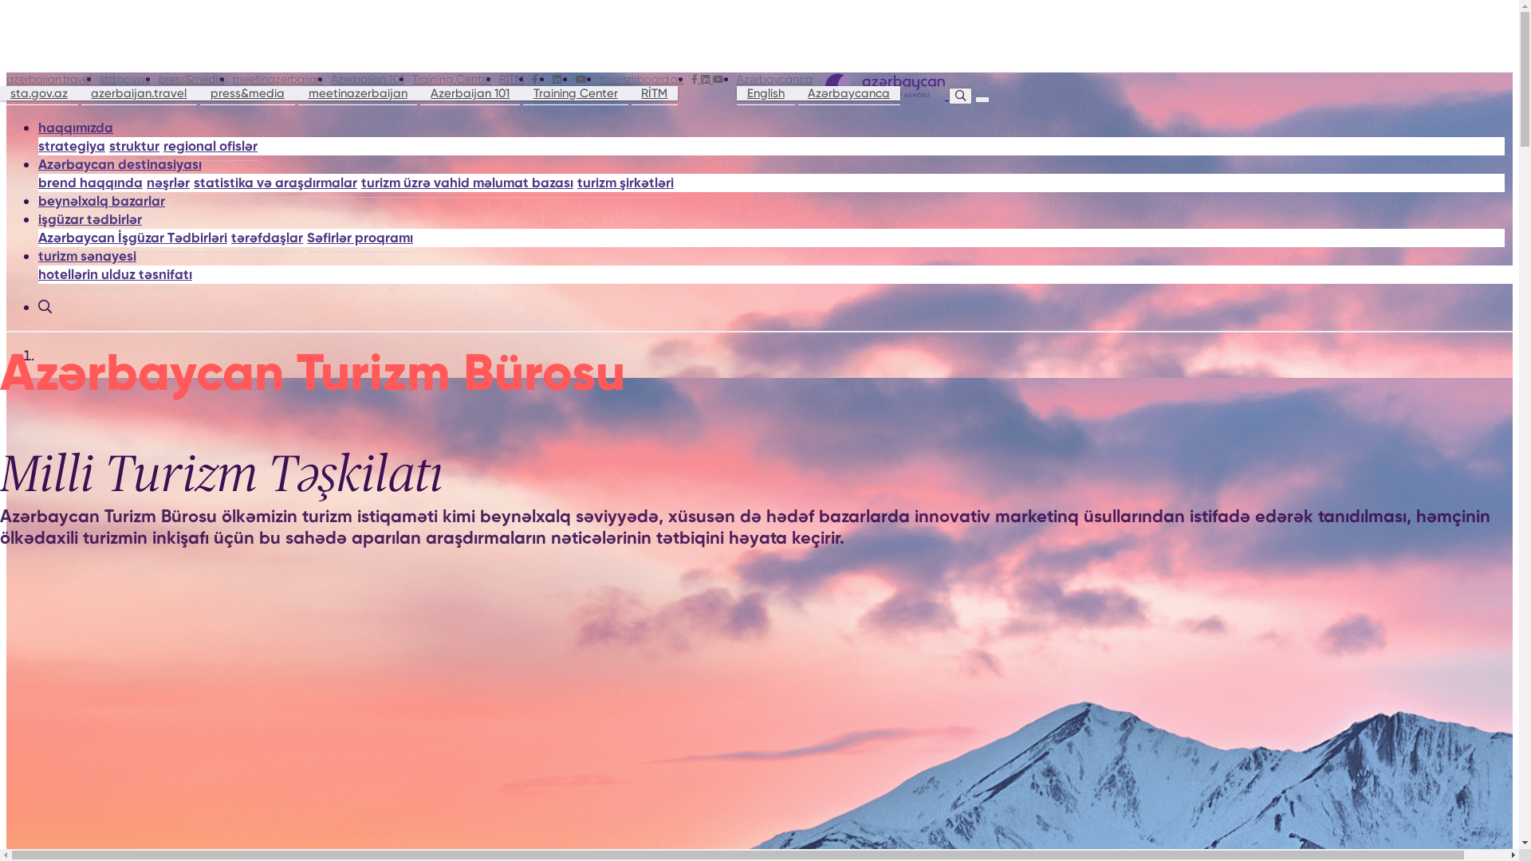  What do you see at coordinates (246, 93) in the screenshot?
I see `'press&media'` at bounding box center [246, 93].